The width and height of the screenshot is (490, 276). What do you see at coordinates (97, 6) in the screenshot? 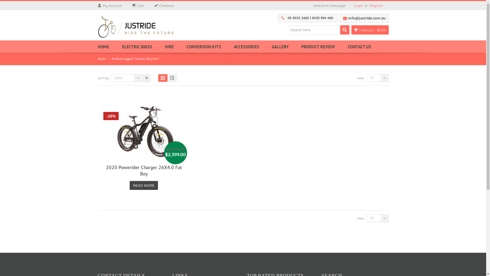
I see `'My Account'` at bounding box center [97, 6].